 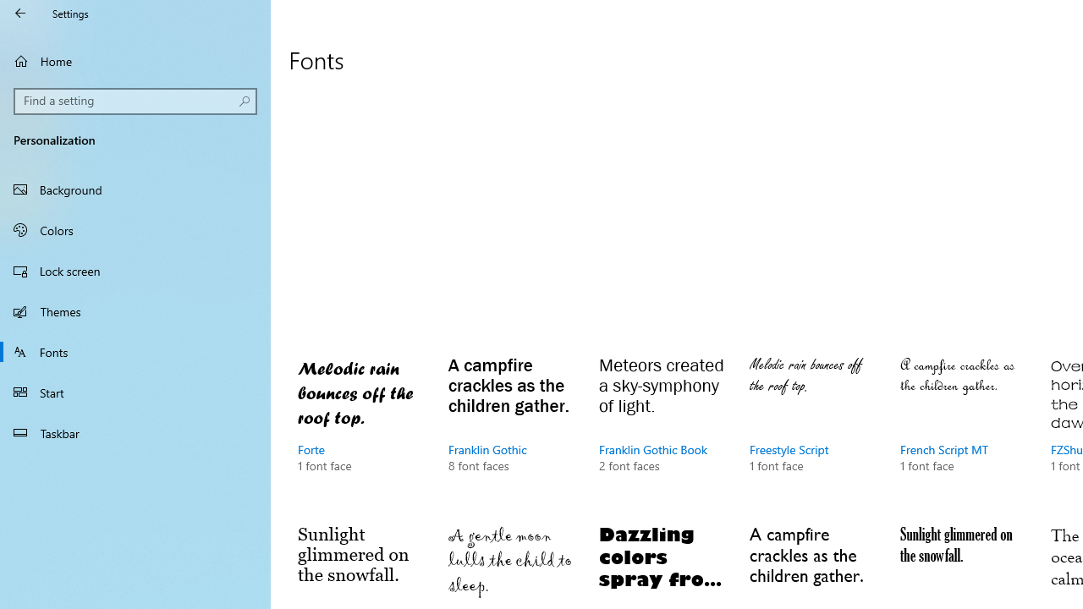 I want to click on 'Franklin Gothic, 8 font faces', so click(x=510, y=430).